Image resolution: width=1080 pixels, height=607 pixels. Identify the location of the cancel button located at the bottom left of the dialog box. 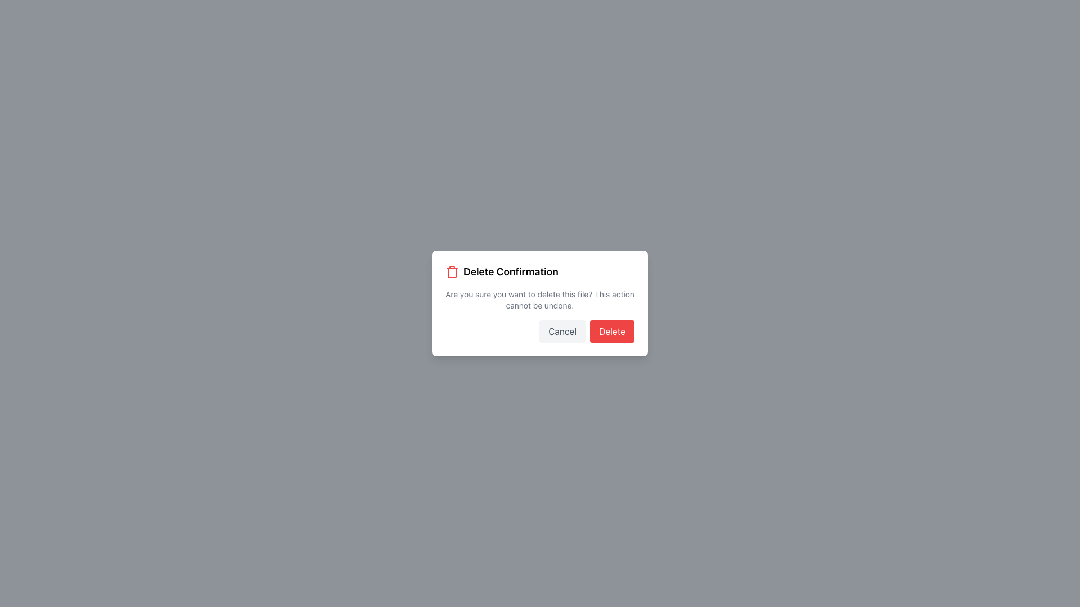
(562, 331).